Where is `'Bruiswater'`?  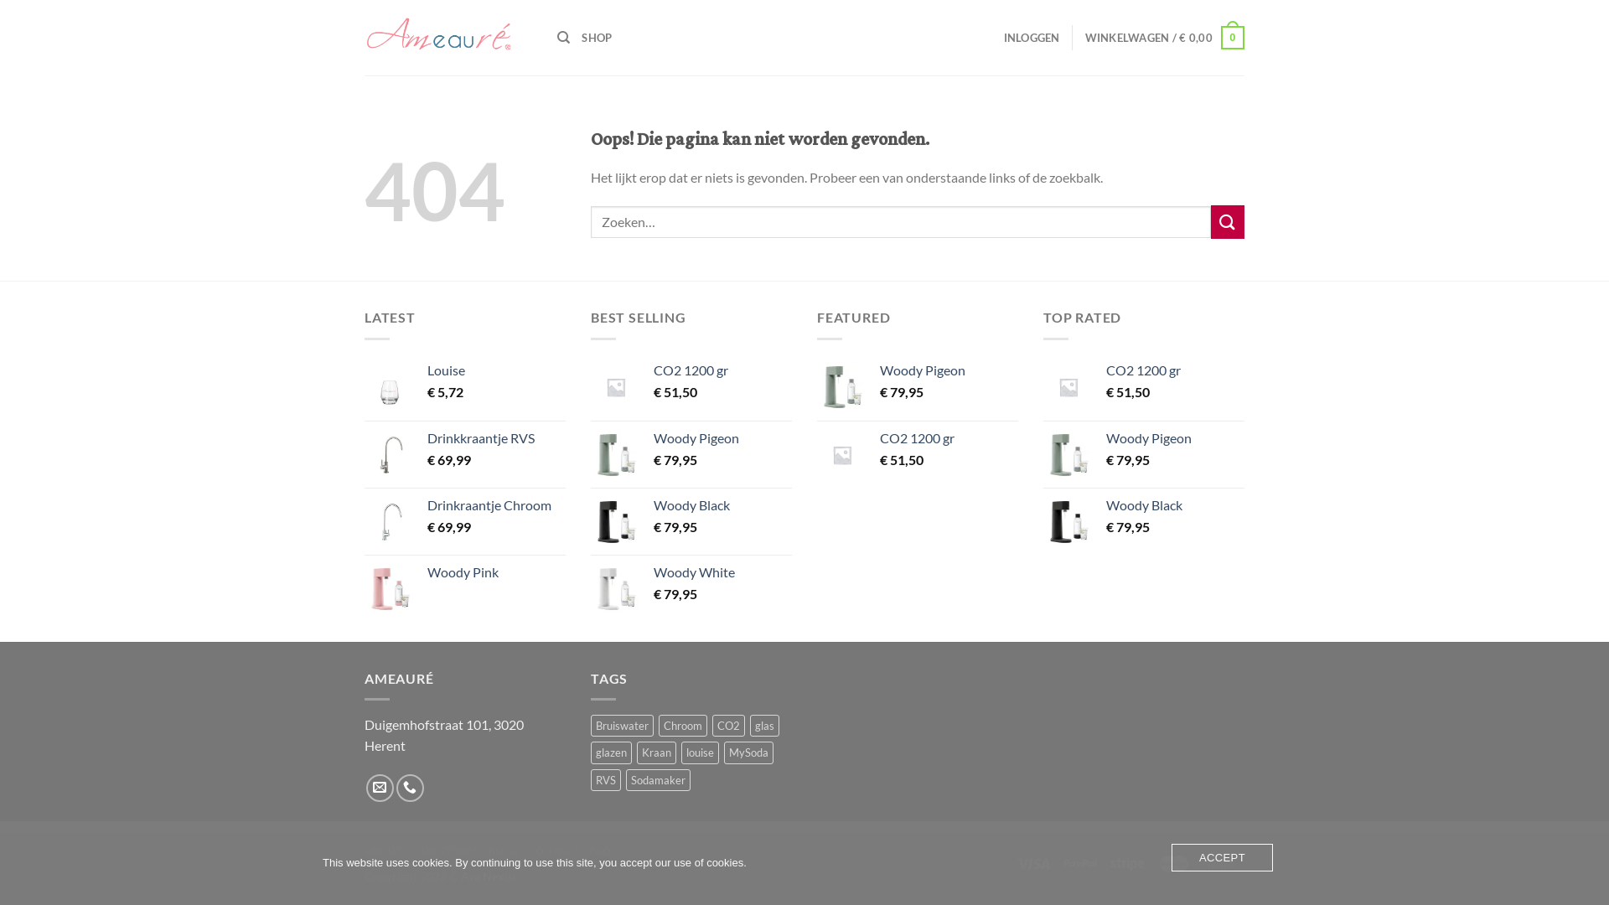
'Bruiswater' is located at coordinates (591, 725).